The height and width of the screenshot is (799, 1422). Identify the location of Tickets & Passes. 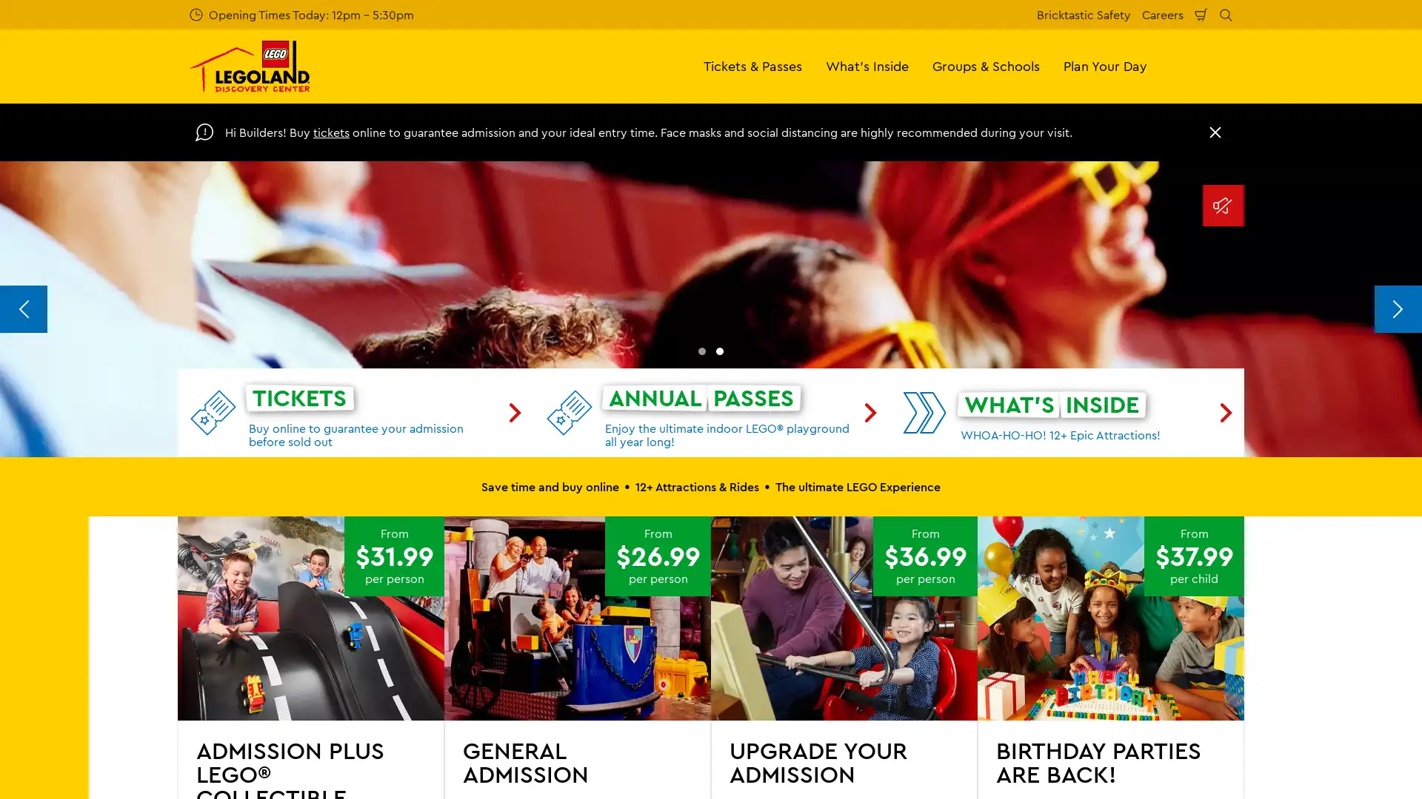
(752, 65).